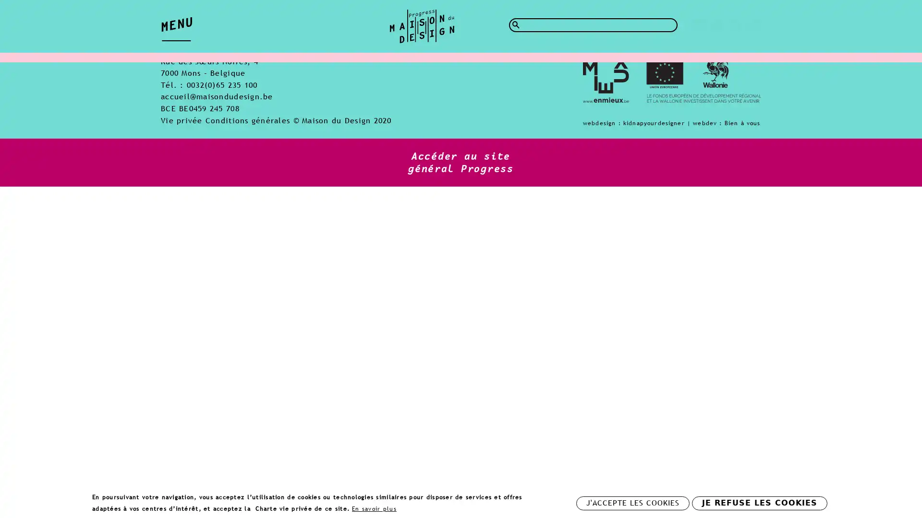 The image size is (922, 518). What do you see at coordinates (633, 503) in the screenshot?
I see `J'ACCEPTE LES COOKIES` at bounding box center [633, 503].